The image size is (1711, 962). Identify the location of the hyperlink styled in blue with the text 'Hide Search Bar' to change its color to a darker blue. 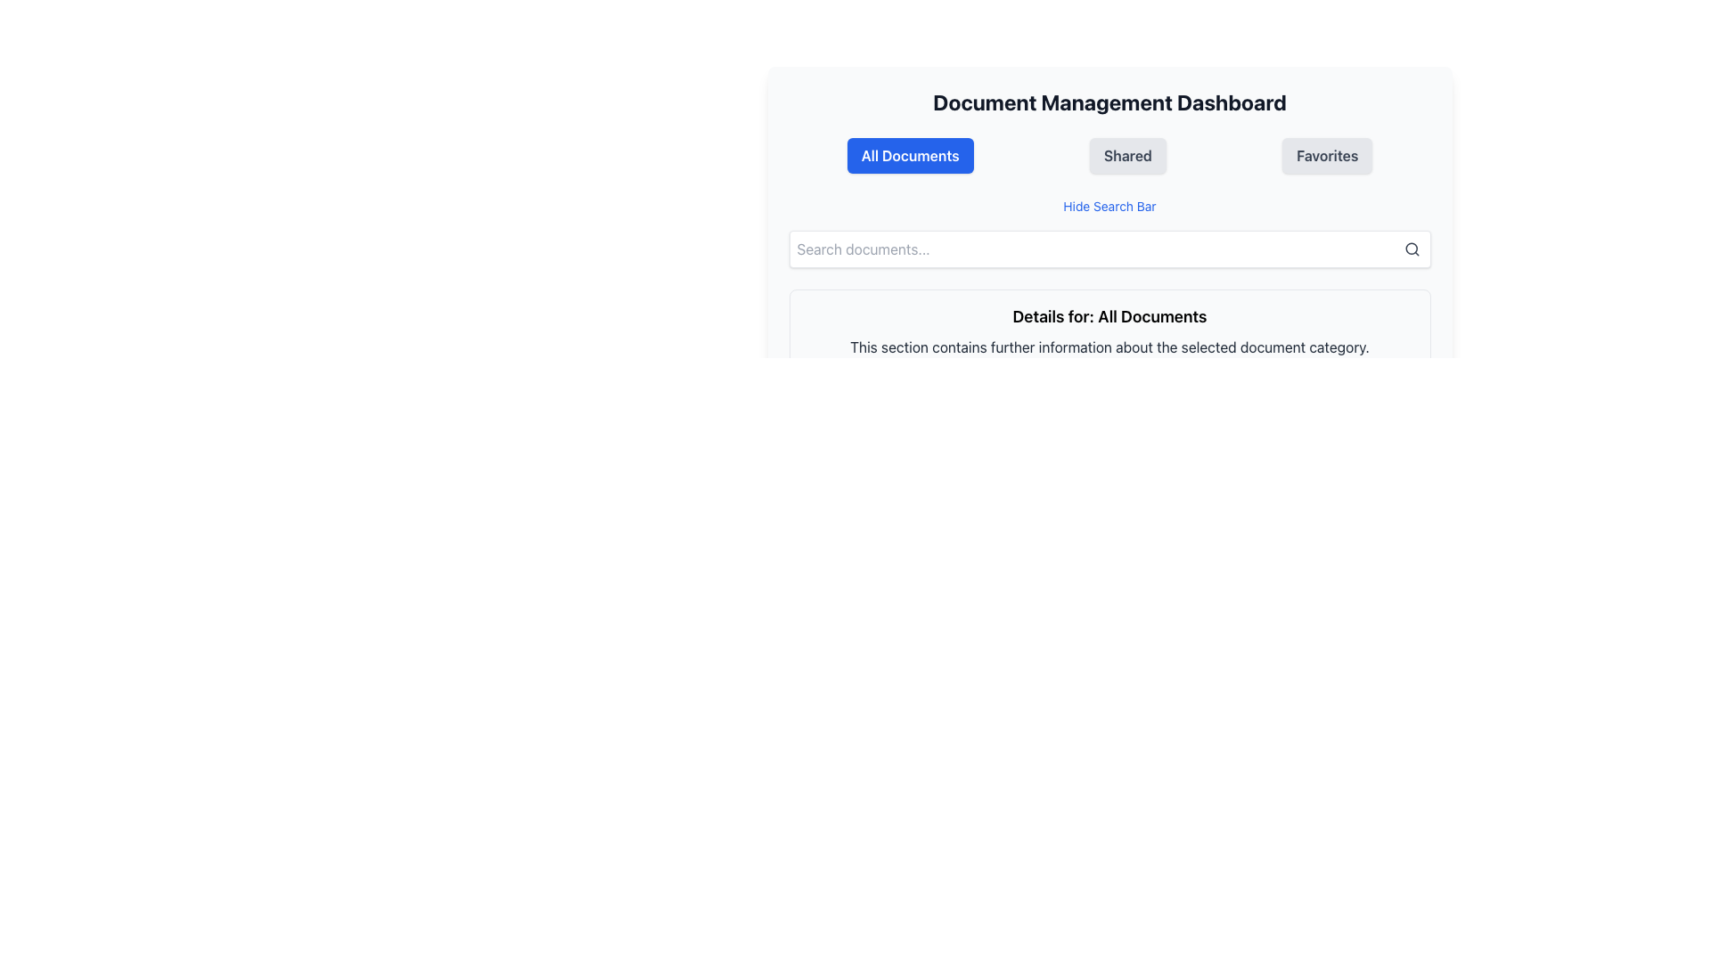
(1109, 205).